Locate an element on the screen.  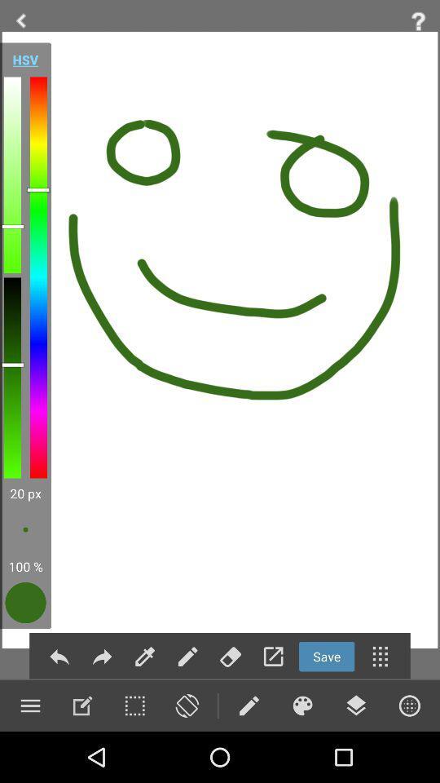
the edit icon is located at coordinates (187, 657).